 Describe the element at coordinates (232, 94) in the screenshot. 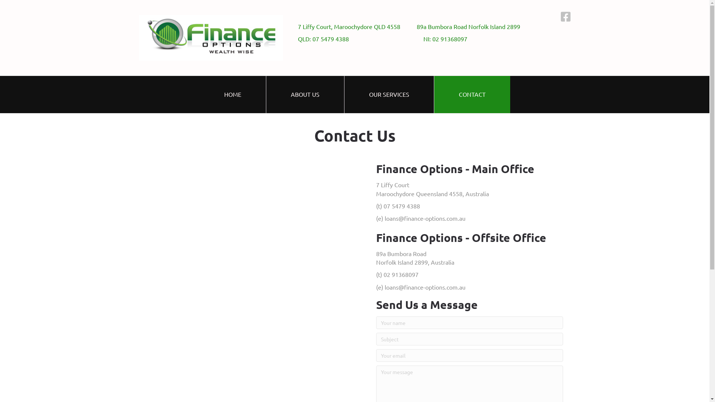

I see `'HOME'` at that location.